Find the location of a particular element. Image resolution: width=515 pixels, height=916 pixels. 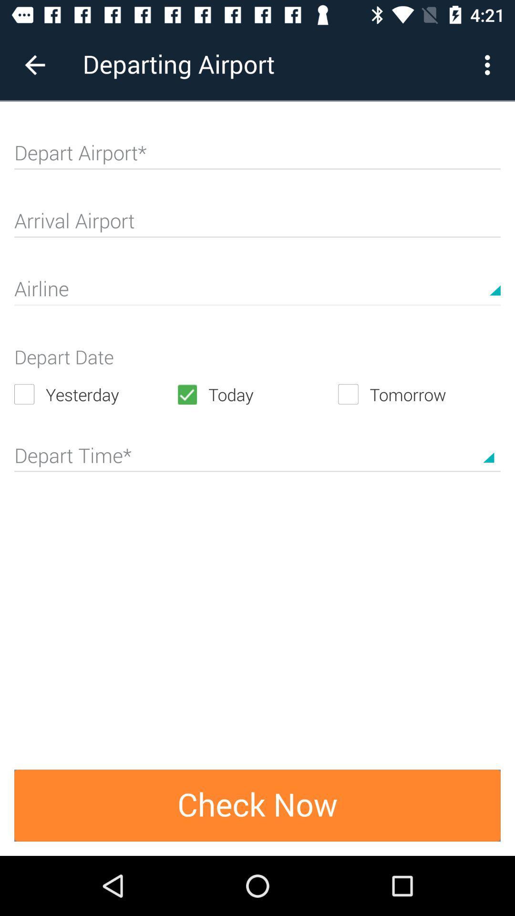

arrival airport is located at coordinates (257, 224).